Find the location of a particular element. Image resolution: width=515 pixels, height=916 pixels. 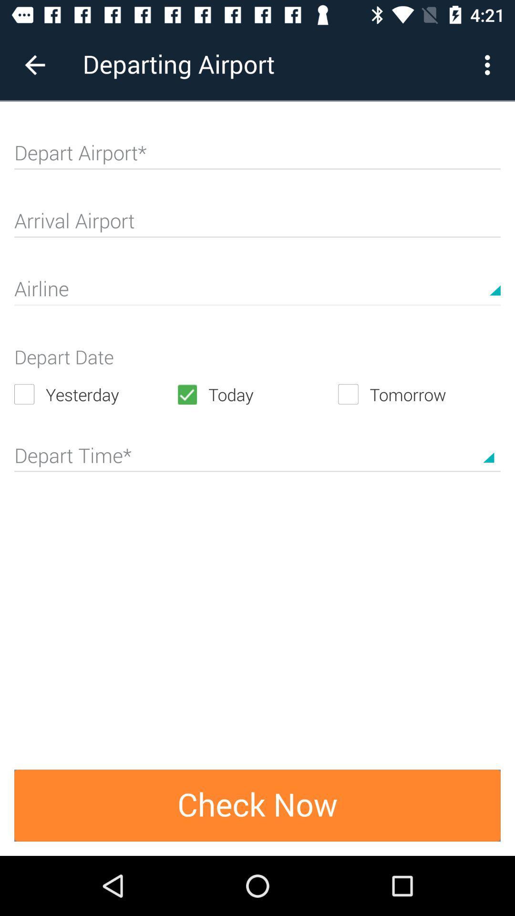

arrival airport is located at coordinates (257, 224).